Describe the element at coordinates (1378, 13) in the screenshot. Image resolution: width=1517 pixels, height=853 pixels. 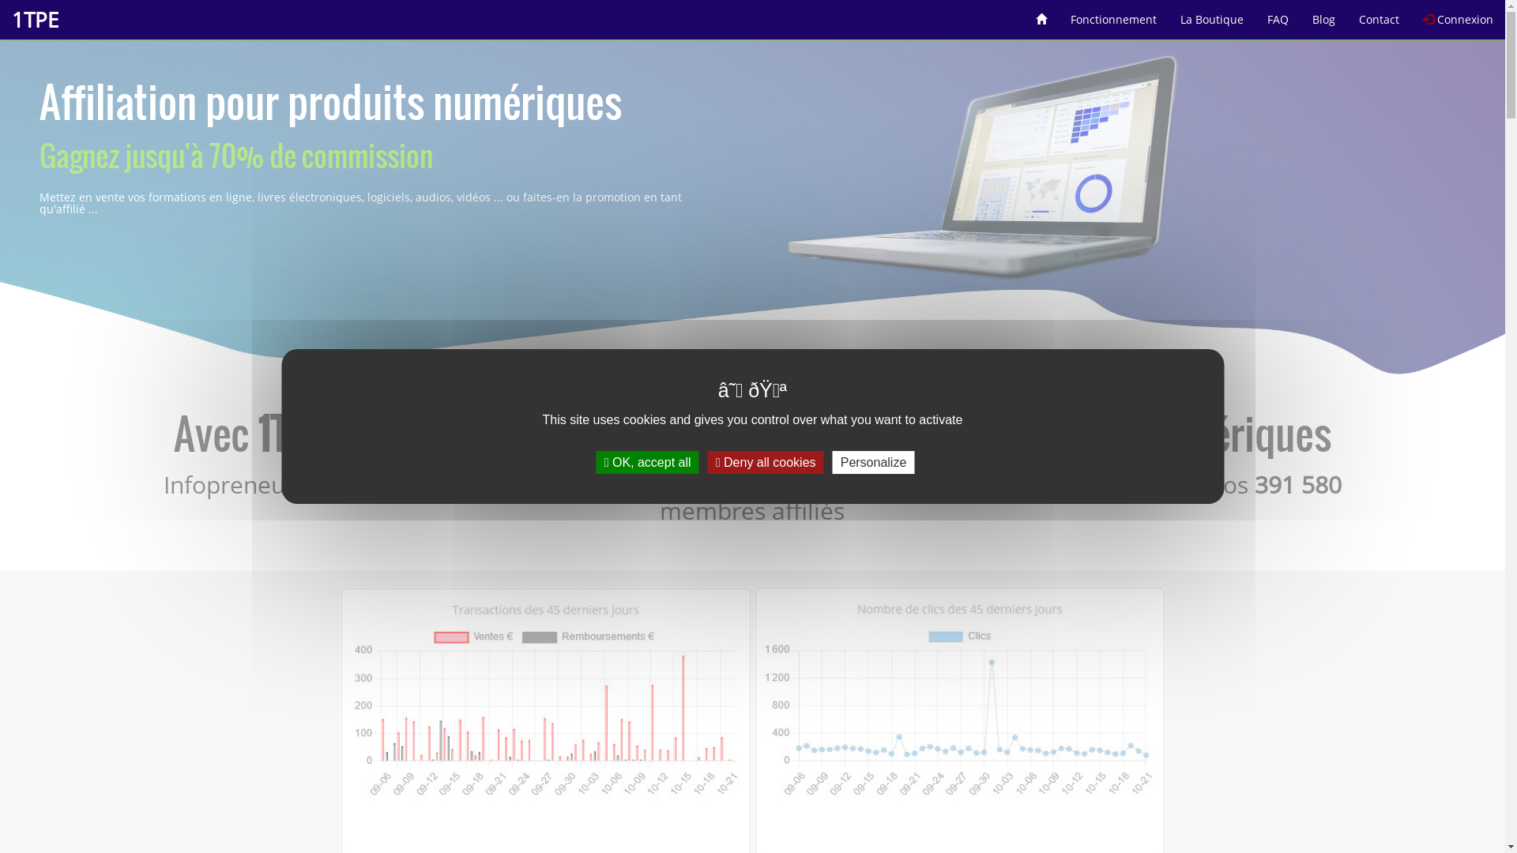
I see `'Contact'` at that location.